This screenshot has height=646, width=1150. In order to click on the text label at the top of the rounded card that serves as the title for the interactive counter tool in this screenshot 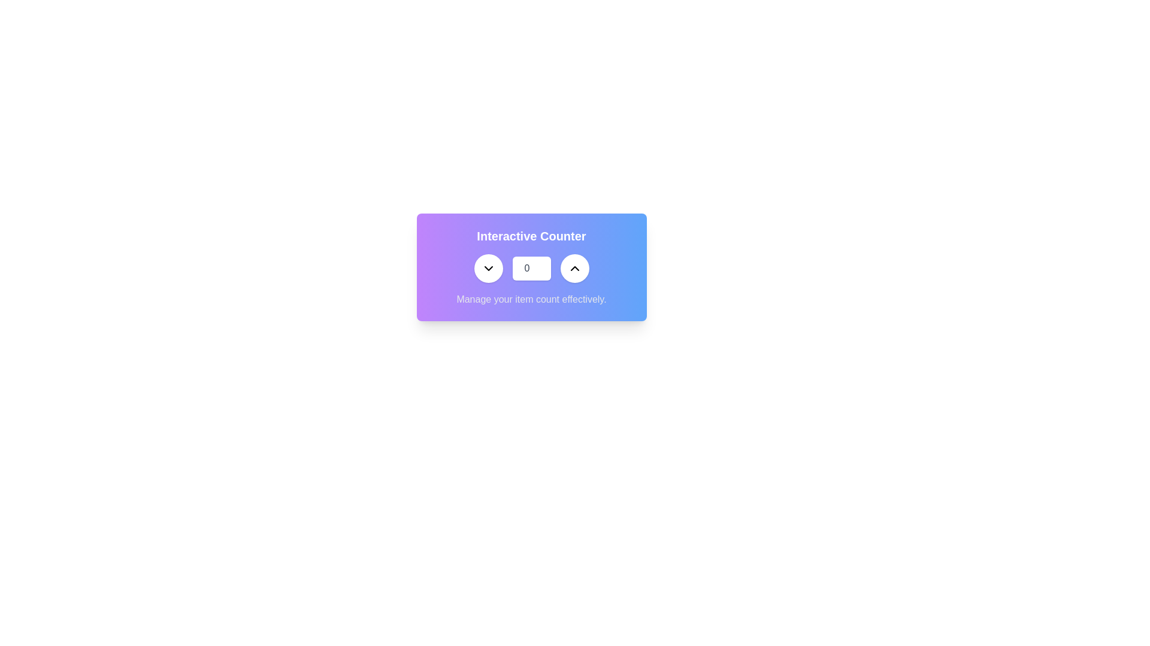, I will do `click(531, 236)`.